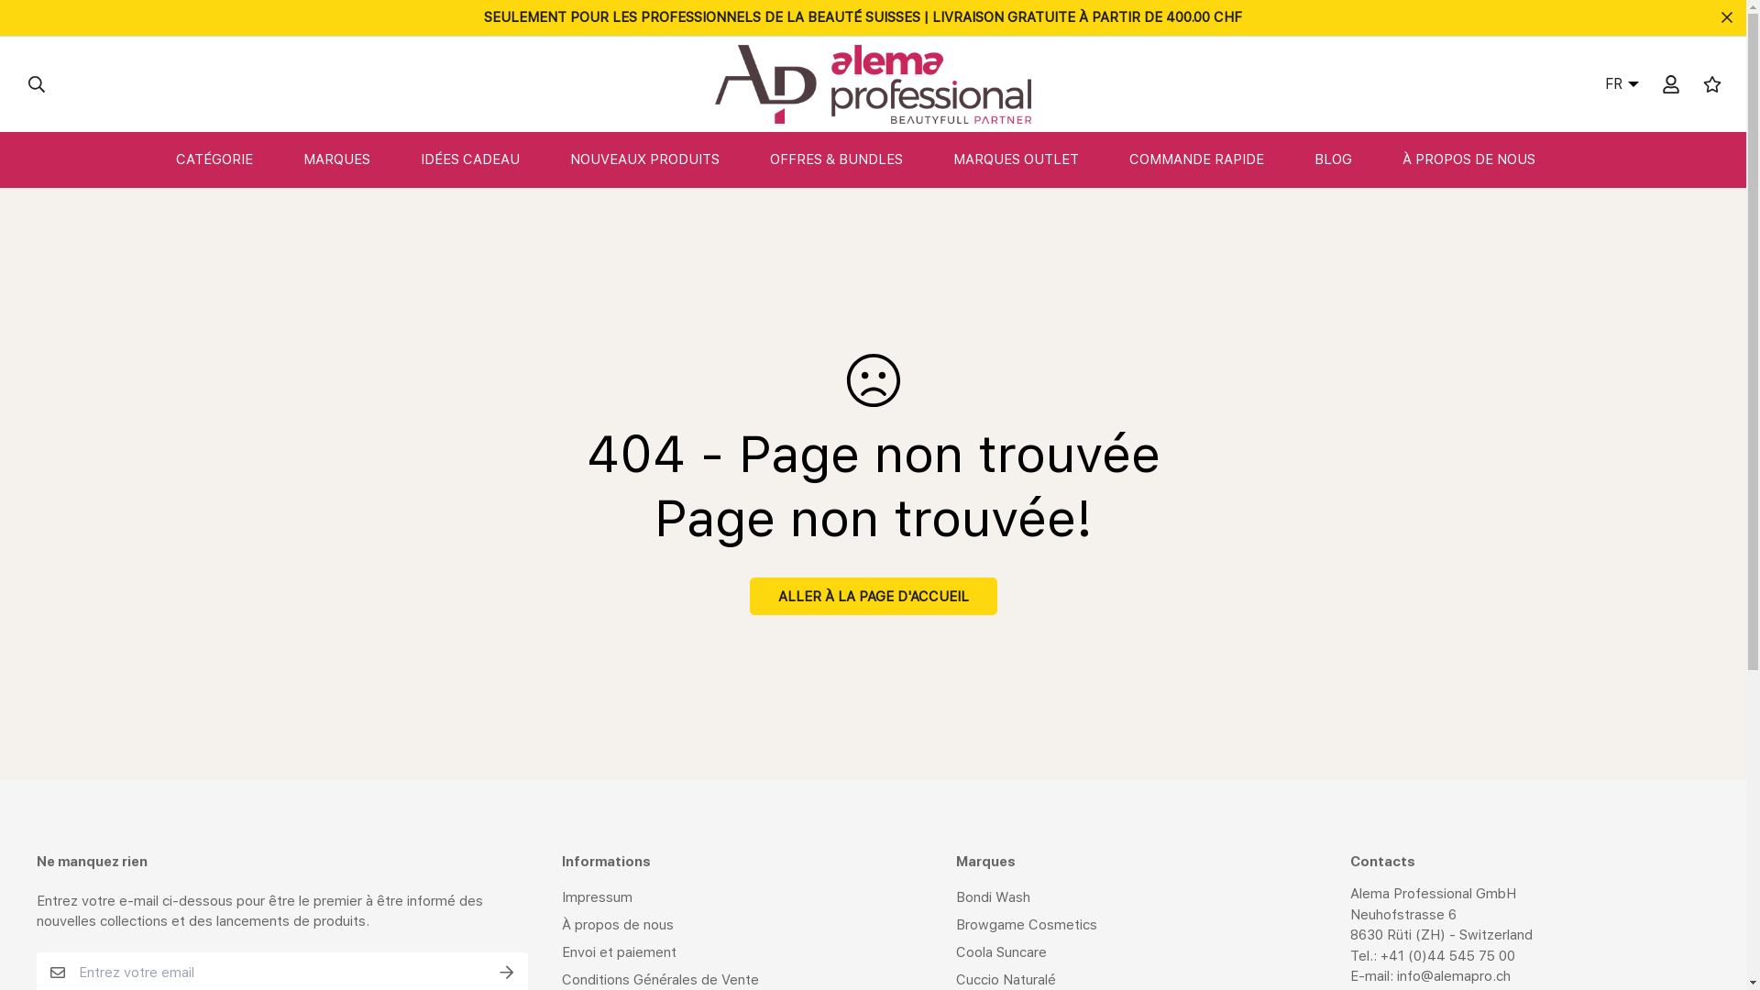  I want to click on 'MARQUES OUTLET', so click(1034, 159).